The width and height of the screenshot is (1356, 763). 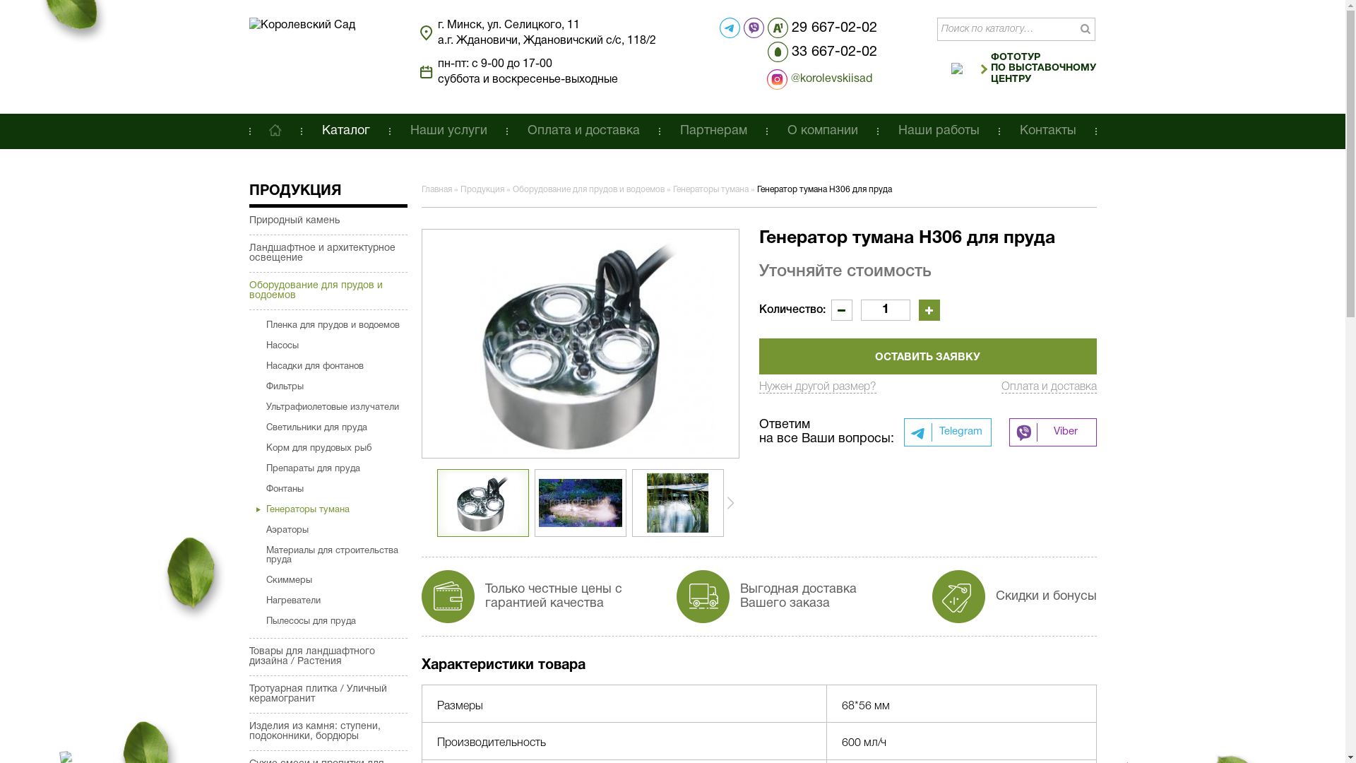 What do you see at coordinates (822, 51) in the screenshot?
I see `'33 667-02-02'` at bounding box center [822, 51].